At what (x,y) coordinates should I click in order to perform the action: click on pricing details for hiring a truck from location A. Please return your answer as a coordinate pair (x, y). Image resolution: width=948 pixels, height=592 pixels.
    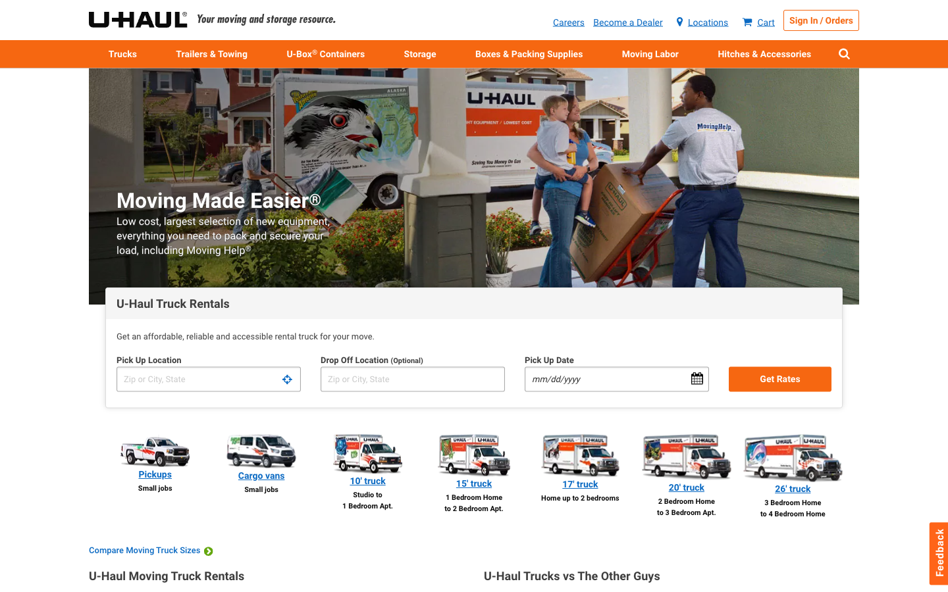
    Looking at the image, I should click on (208, 379).